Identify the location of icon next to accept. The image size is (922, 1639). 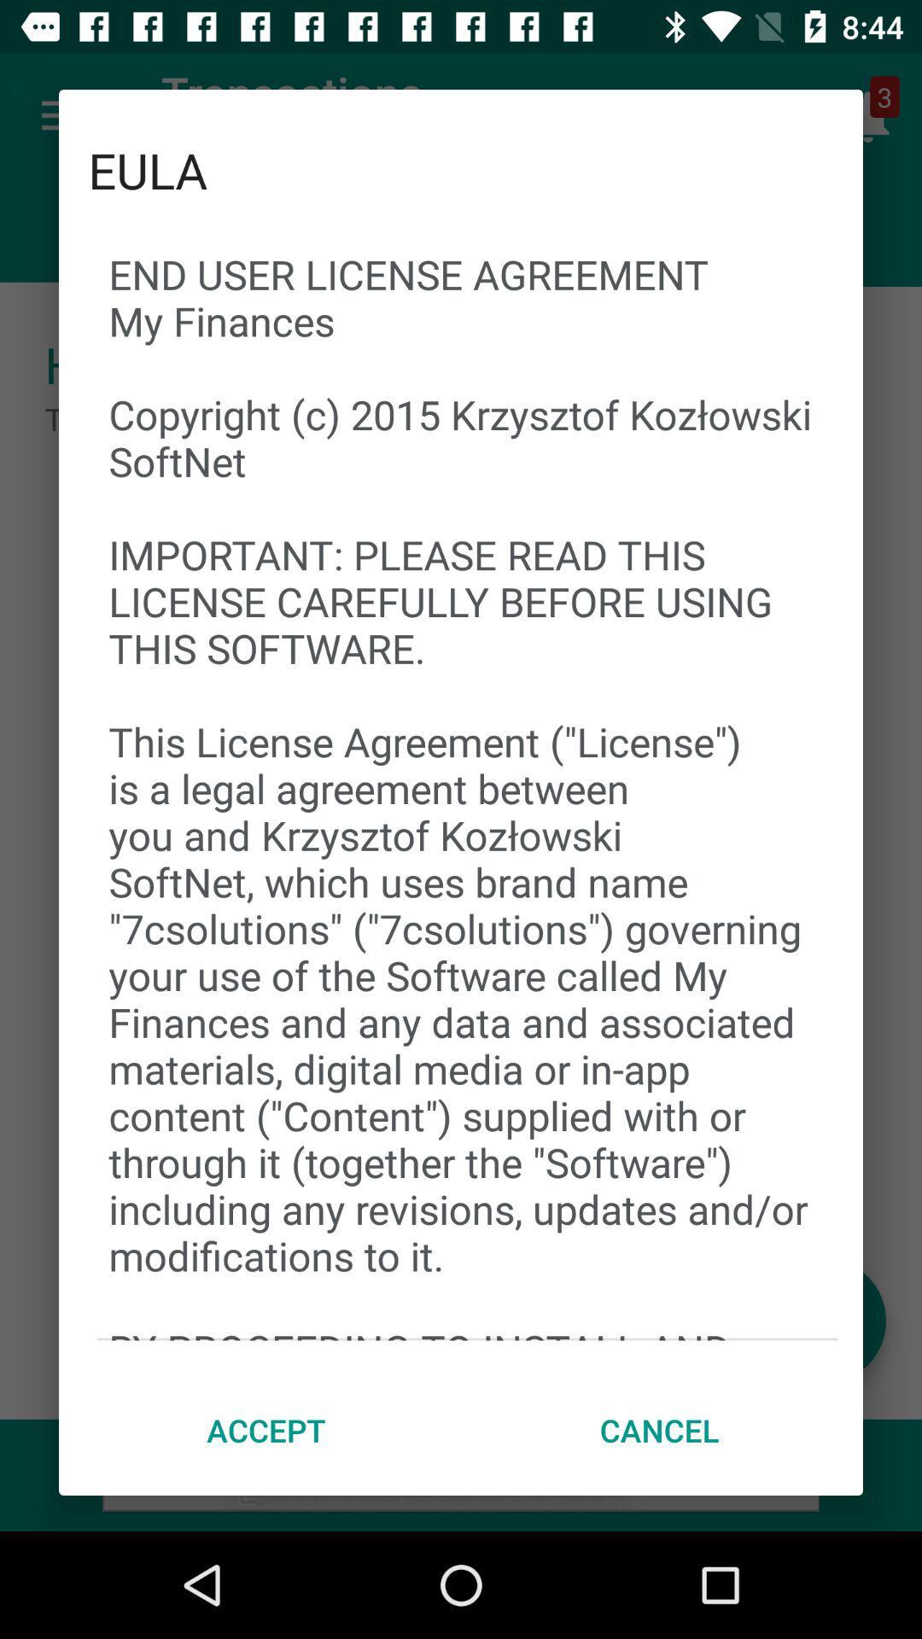
(658, 1430).